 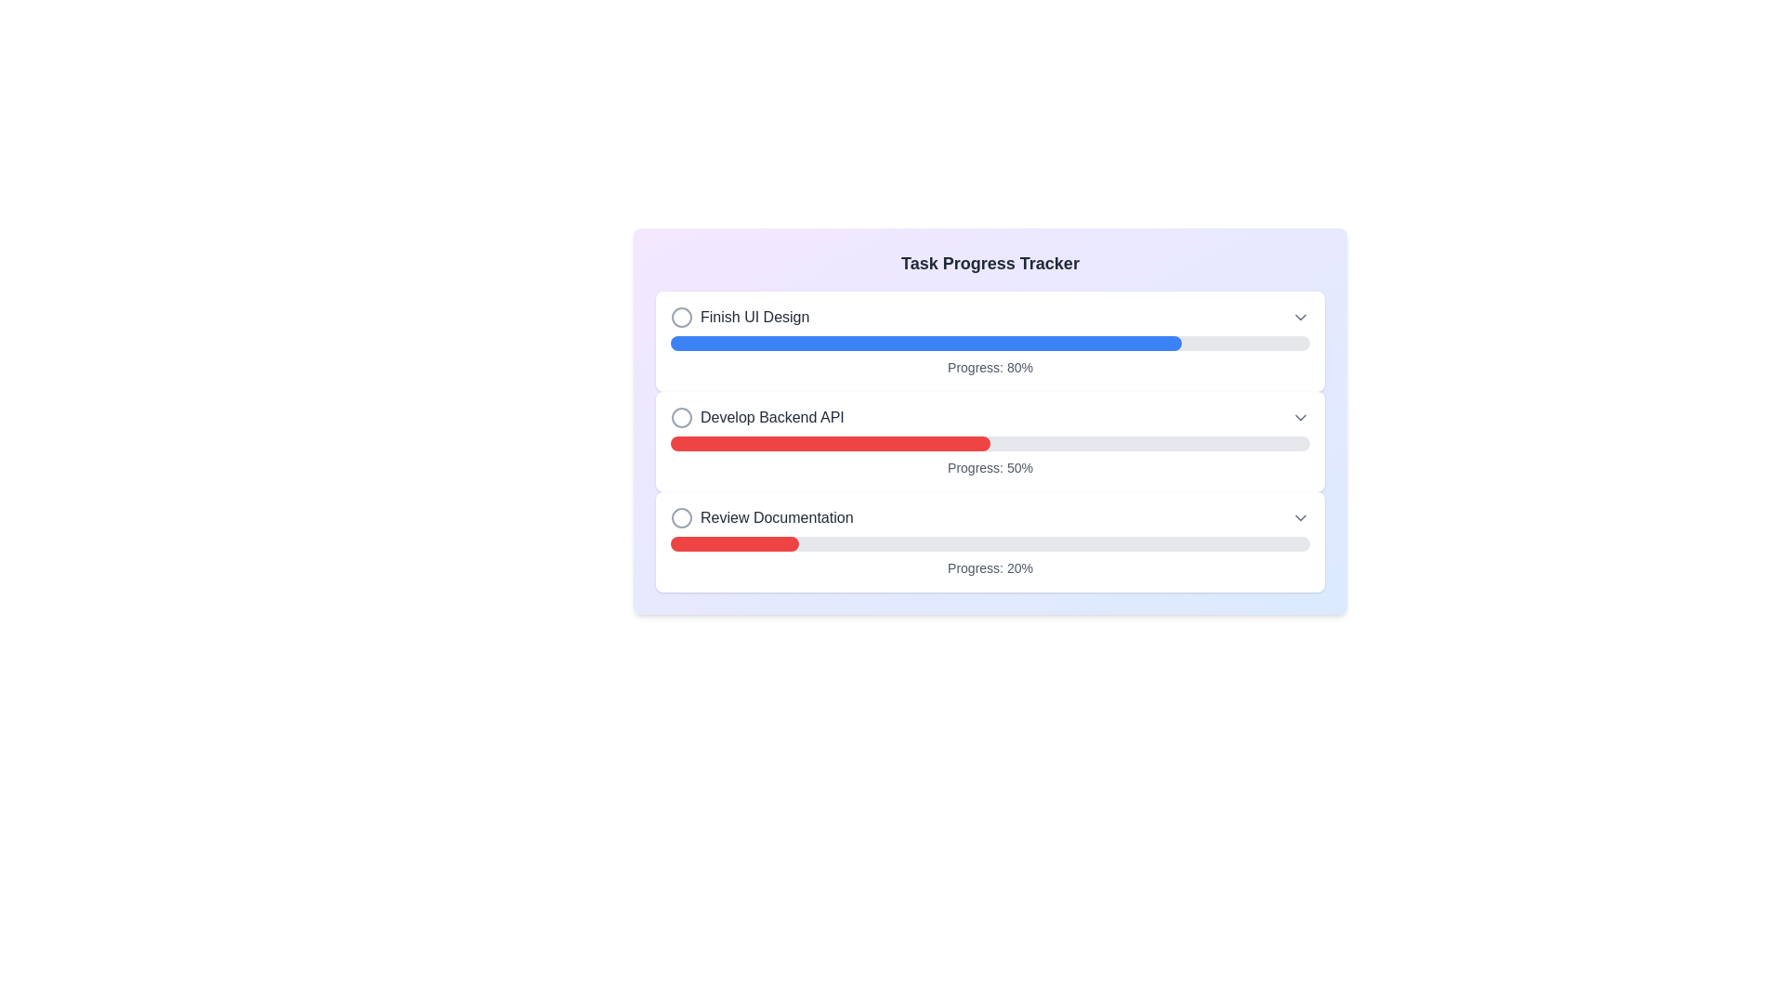 I want to click on the circular SVG element that represents the 'Review Documentation' task icon, which is styled as a gray-stroked circle with a radius of 10 units, so click(x=681, y=518).